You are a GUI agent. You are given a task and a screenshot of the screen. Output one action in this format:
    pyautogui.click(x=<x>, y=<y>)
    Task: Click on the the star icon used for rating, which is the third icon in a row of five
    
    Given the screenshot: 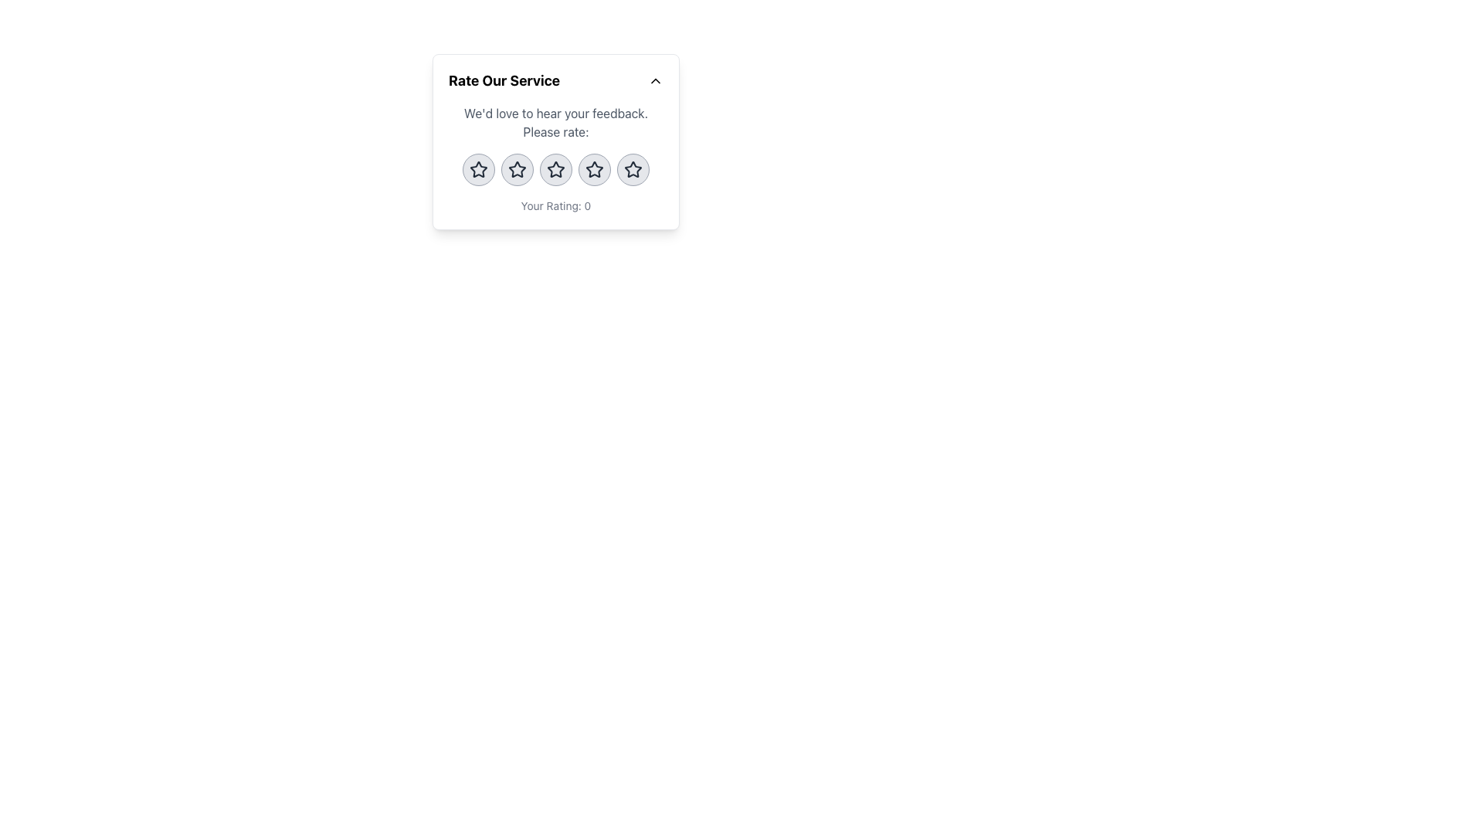 What is the action you would take?
    pyautogui.click(x=556, y=169)
    